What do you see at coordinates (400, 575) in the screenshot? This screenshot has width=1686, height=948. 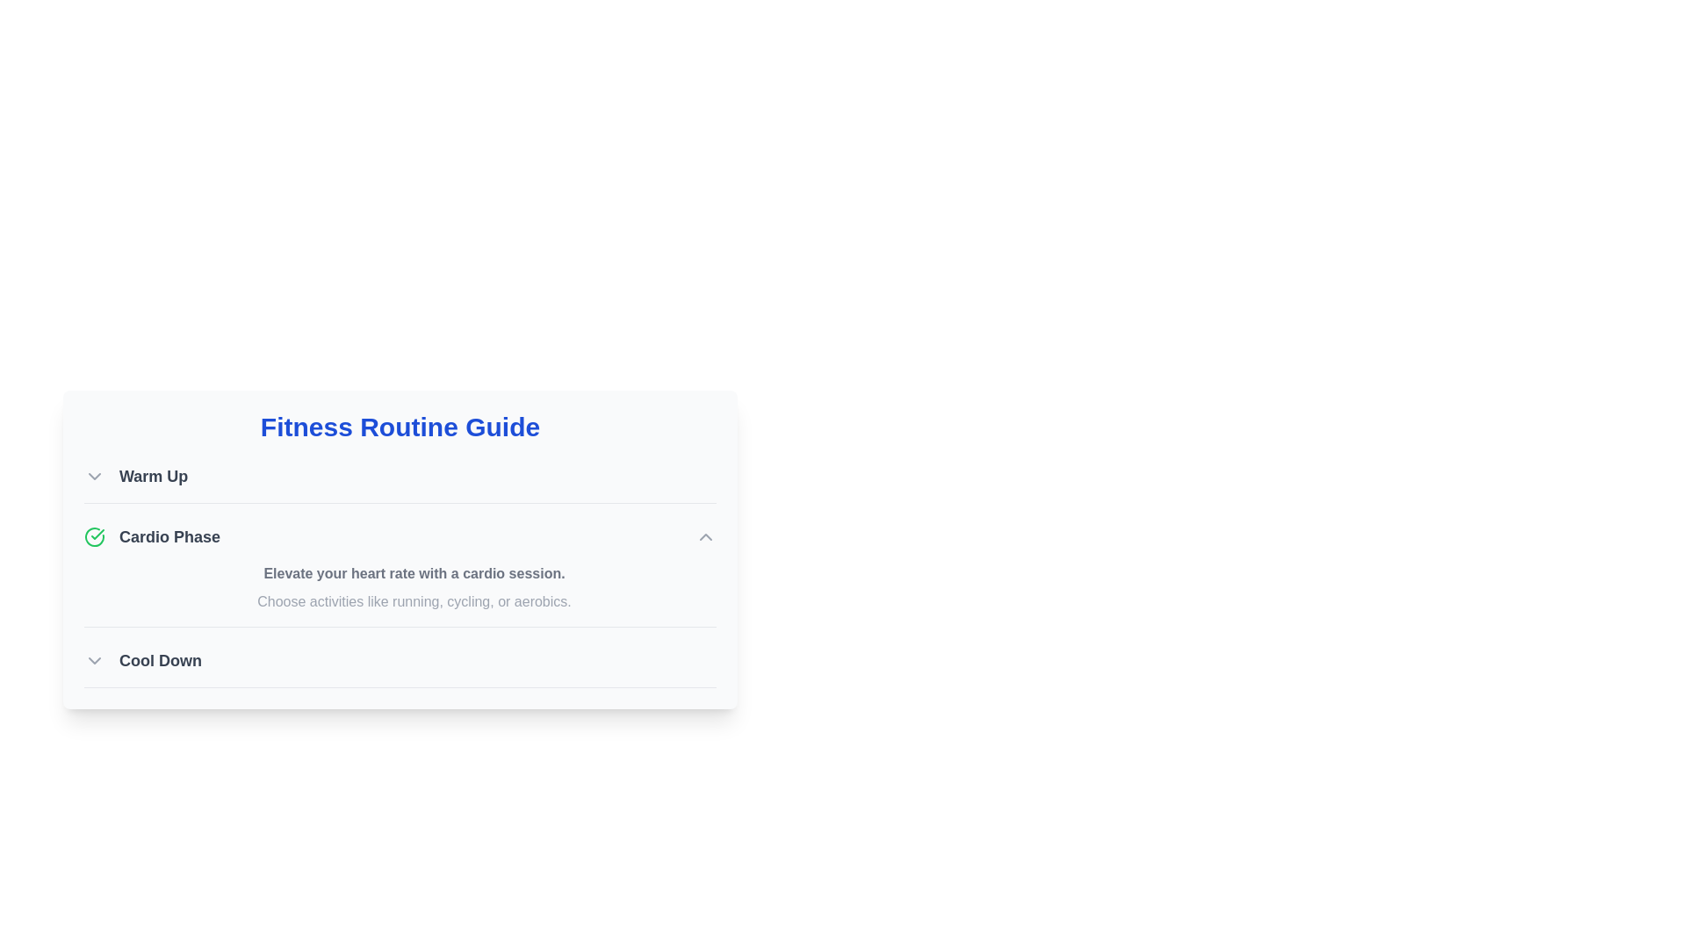 I see `the 'Cardio Phase' collapsible panel for accessibility` at bounding box center [400, 575].